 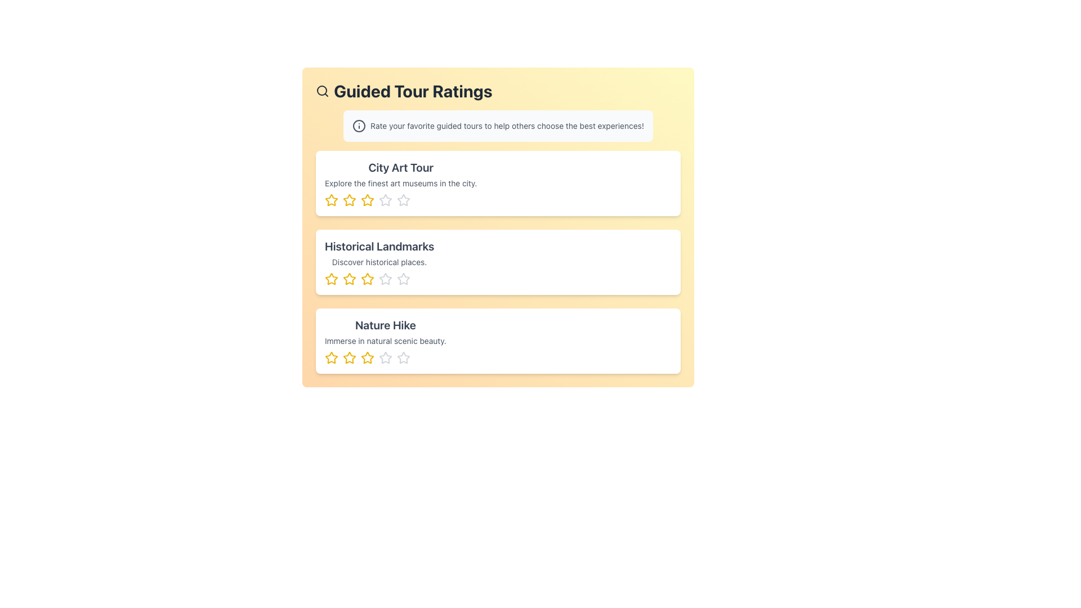 What do you see at coordinates (349, 279) in the screenshot?
I see `the second star in the rating component for the 'Historical Landmarks' tour to provide a rating` at bounding box center [349, 279].